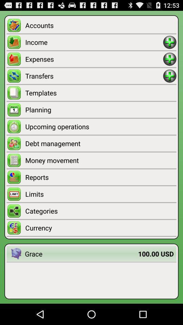 The width and height of the screenshot is (183, 325). What do you see at coordinates (100, 177) in the screenshot?
I see `the app below the money movement item` at bounding box center [100, 177].